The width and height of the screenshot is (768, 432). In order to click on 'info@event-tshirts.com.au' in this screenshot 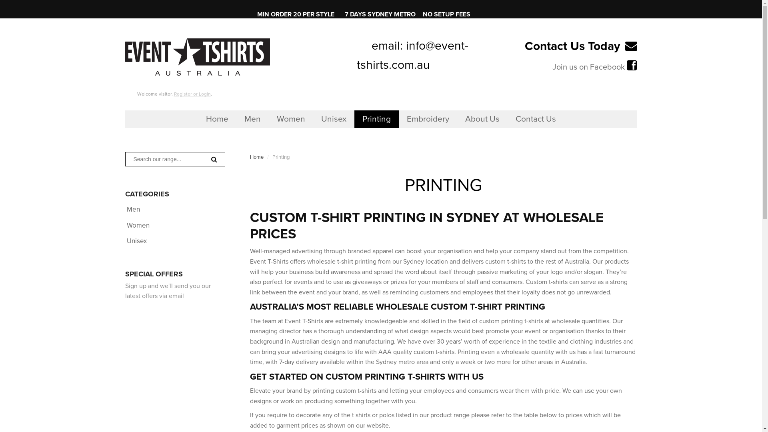, I will do `click(412, 55)`.